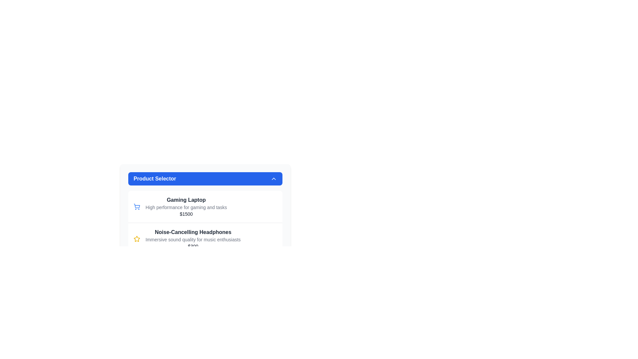 Image resolution: width=638 pixels, height=359 pixels. What do you see at coordinates (205, 178) in the screenshot?
I see `the button that opens or collapses a section of products` at bounding box center [205, 178].